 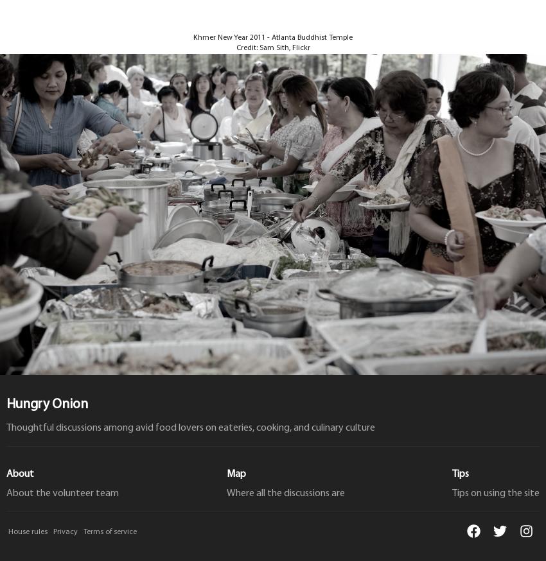 I want to click on 'Privacy', so click(x=65, y=531).